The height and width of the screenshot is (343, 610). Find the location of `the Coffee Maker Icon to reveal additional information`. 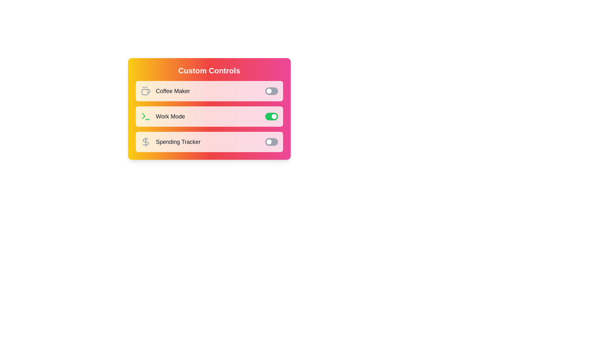

the Coffee Maker Icon to reveal additional information is located at coordinates (145, 91).